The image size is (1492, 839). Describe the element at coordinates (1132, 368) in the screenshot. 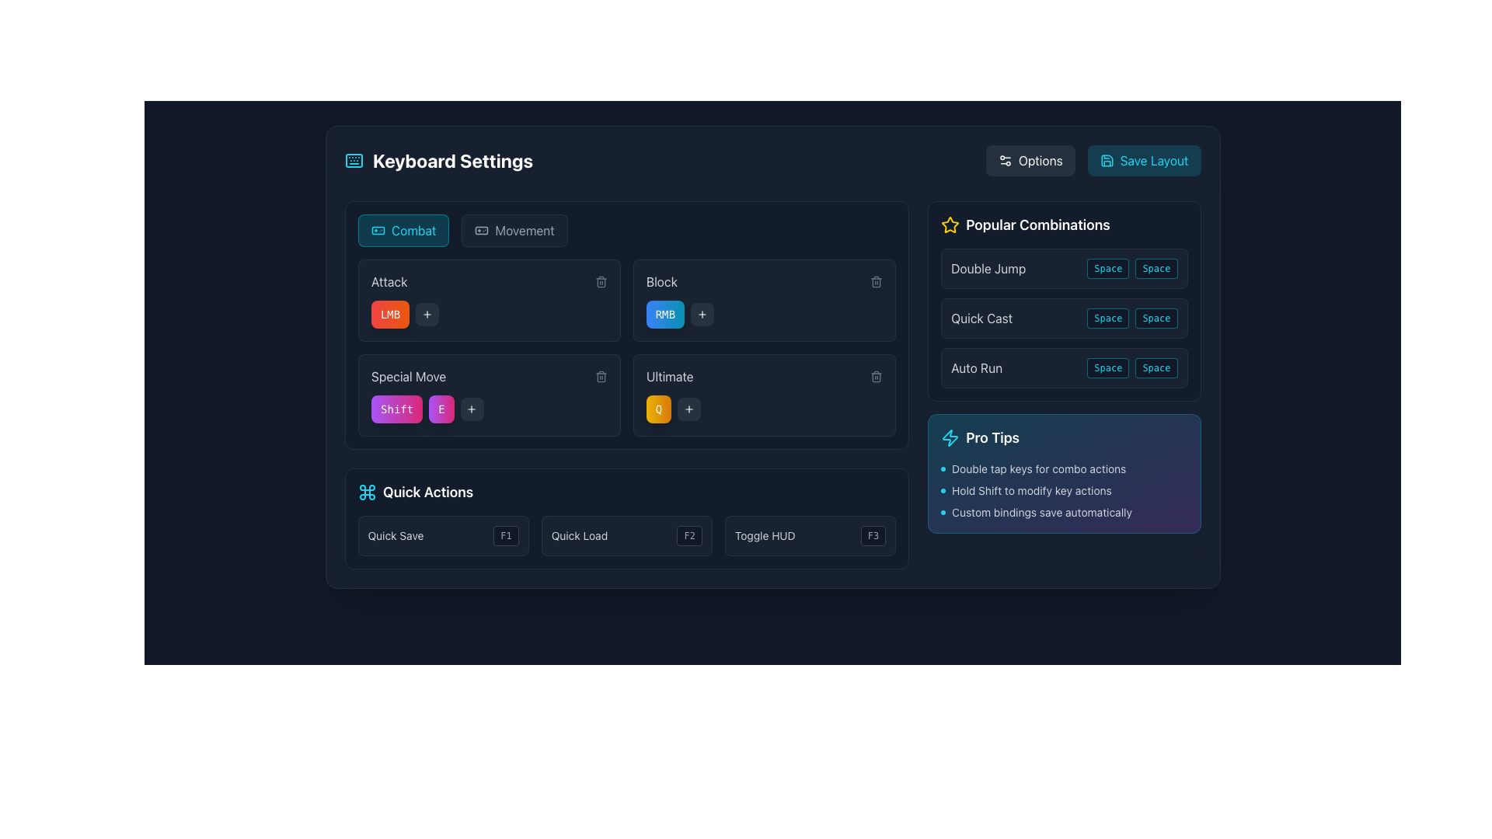

I see `each 'Space' button in the Button group under the 'Auto Run' label` at that location.